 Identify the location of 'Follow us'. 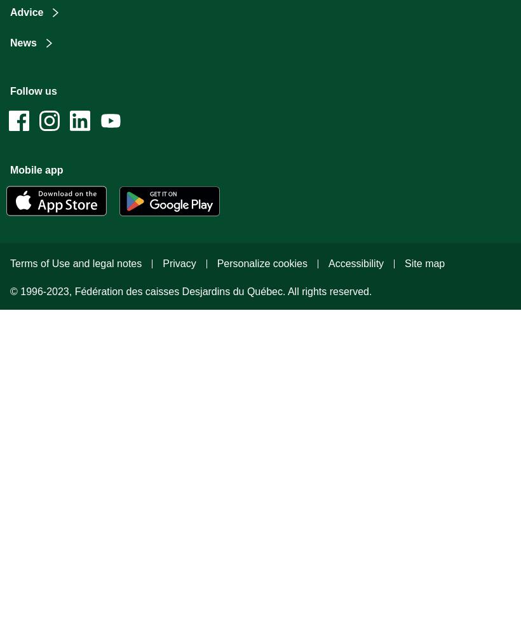
(33, 91).